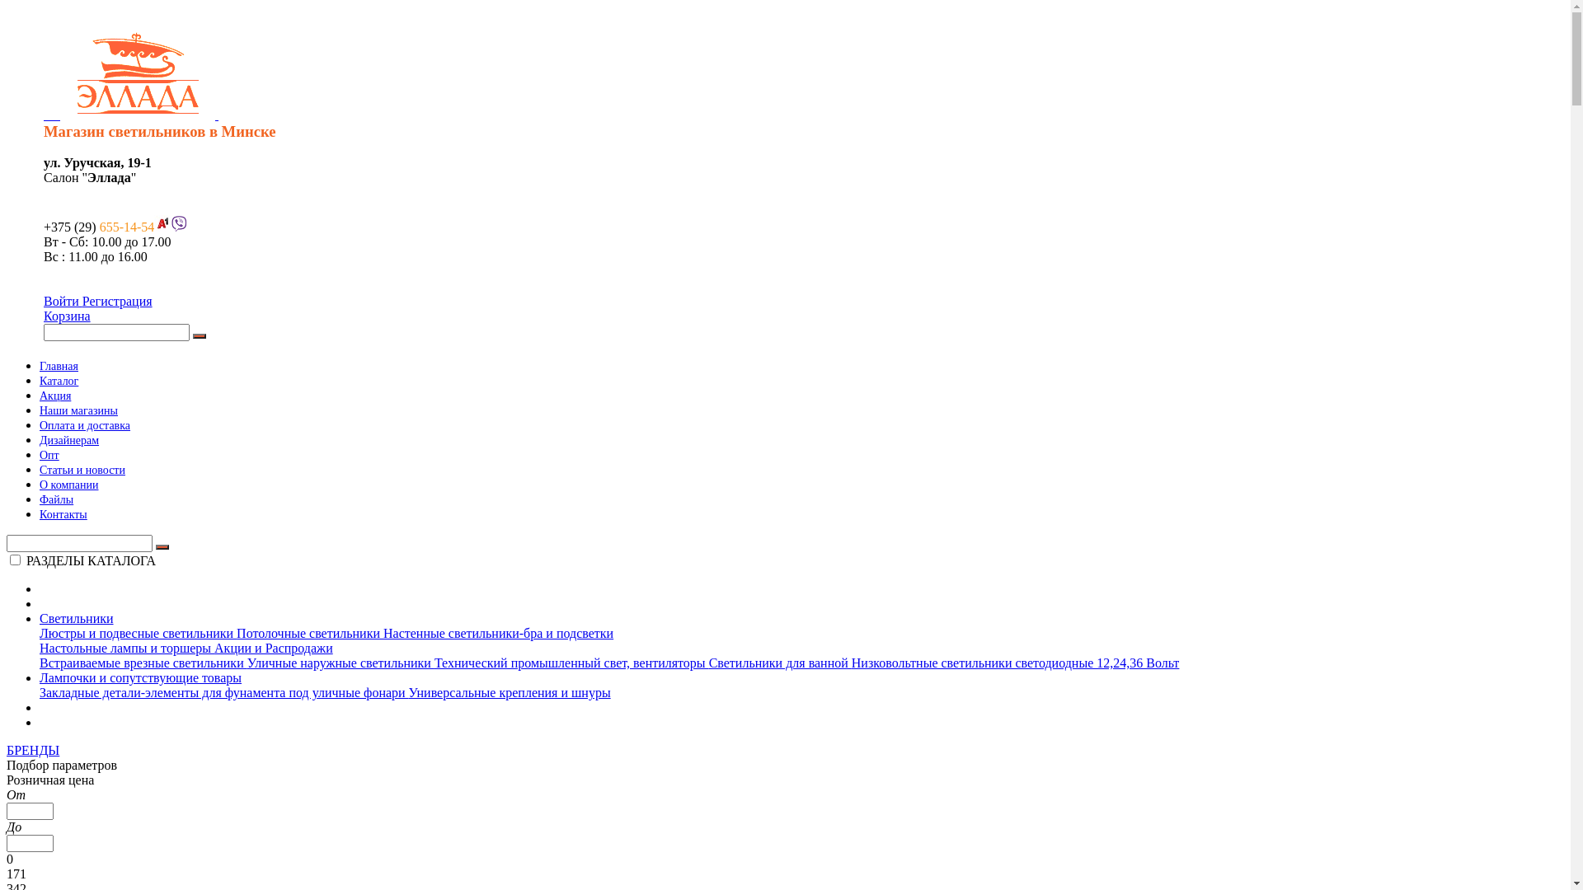 Image resolution: width=1583 pixels, height=890 pixels. I want to click on 'viber_PNG41.png', so click(178, 223).